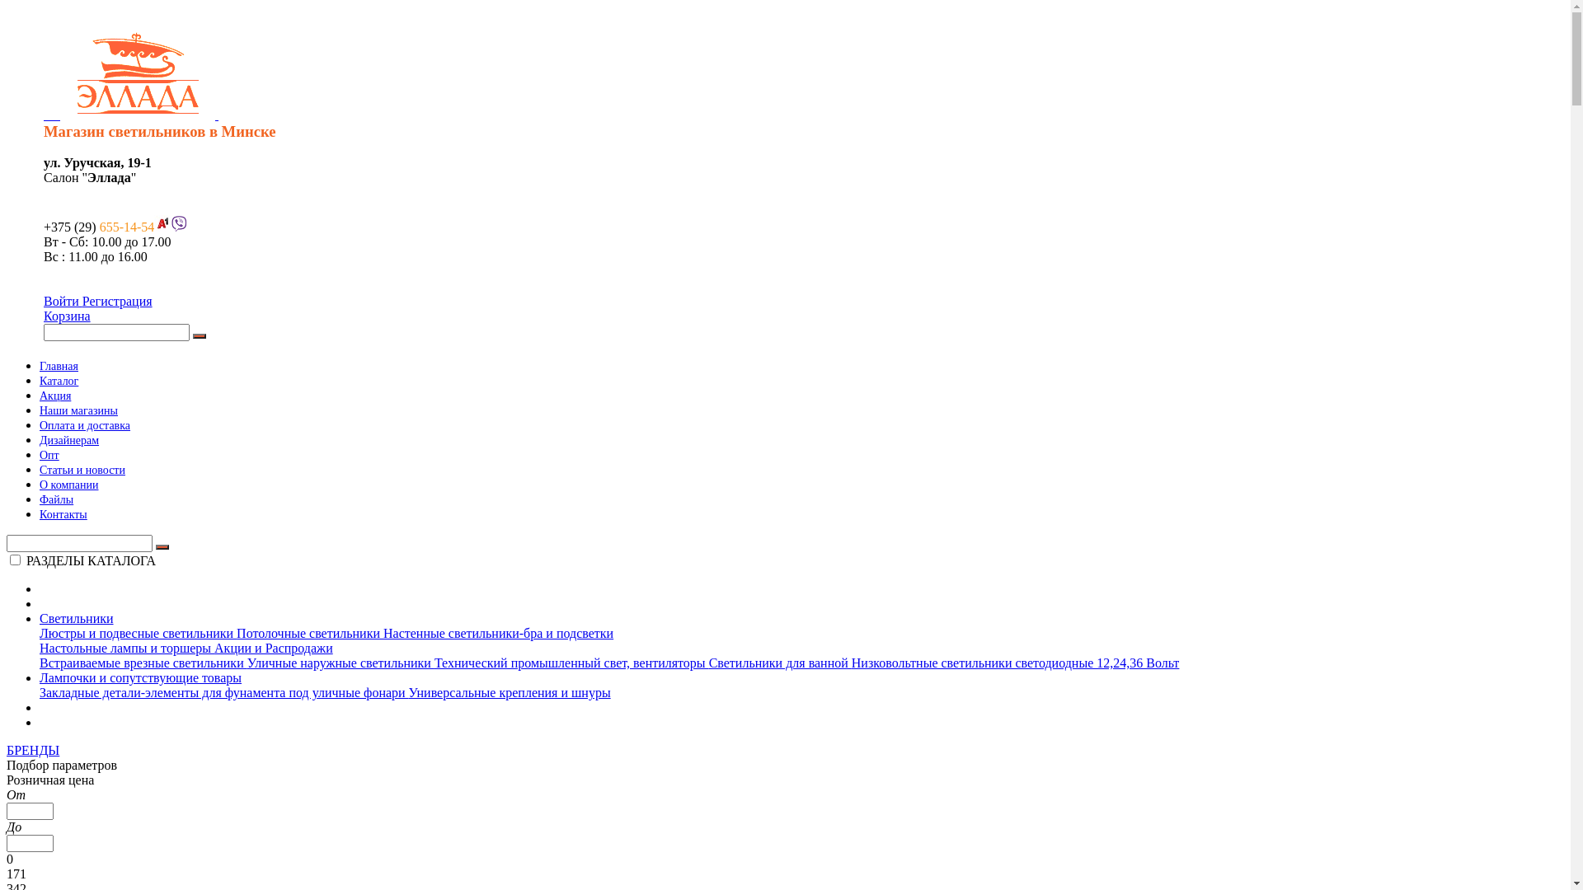 Image resolution: width=1583 pixels, height=890 pixels. I want to click on 'viber_PNG41.png', so click(178, 223).